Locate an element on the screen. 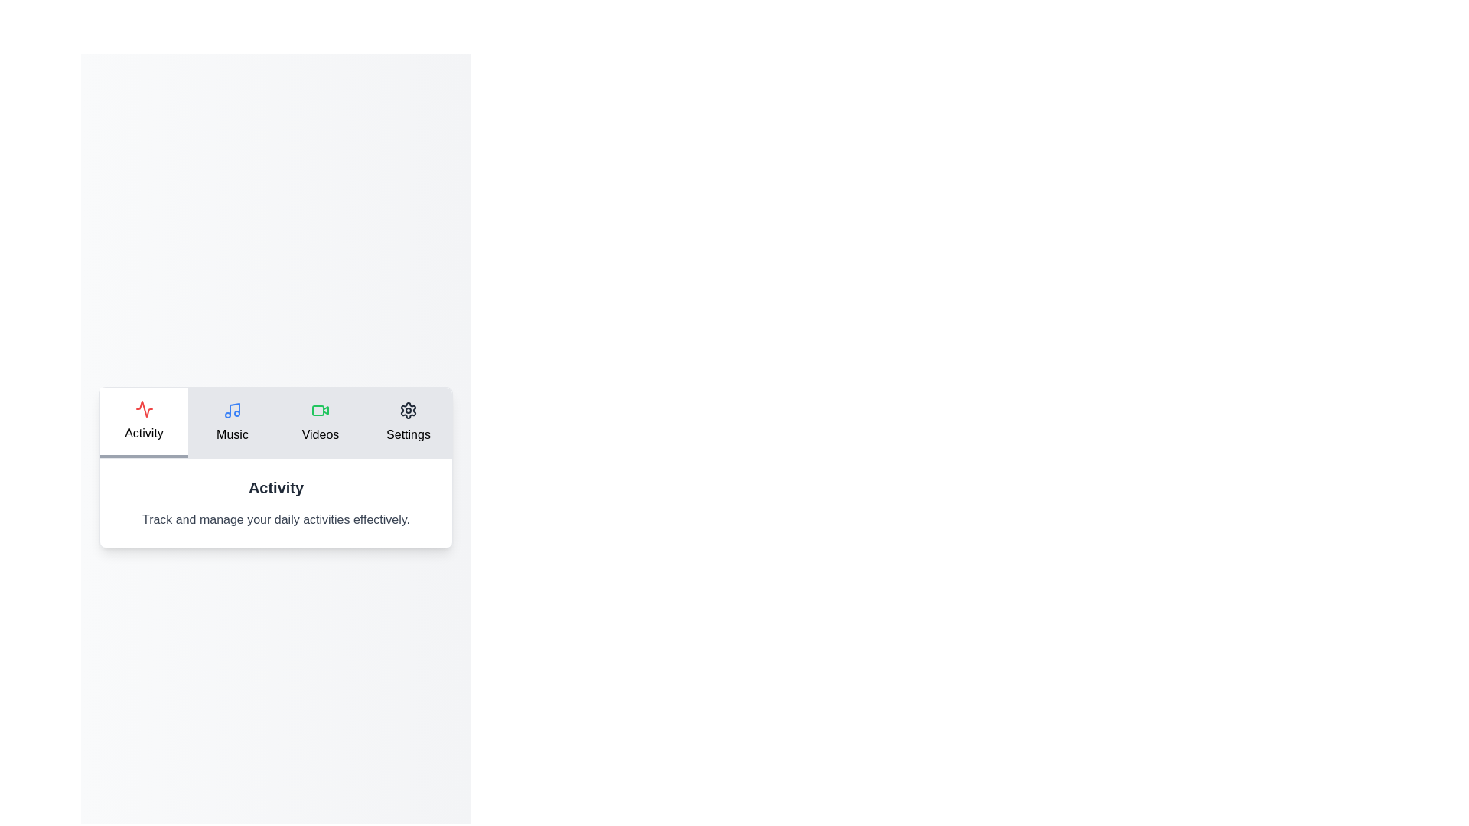 The width and height of the screenshot is (1469, 826). the tab Music to display its associated content is located at coordinates (231, 422).